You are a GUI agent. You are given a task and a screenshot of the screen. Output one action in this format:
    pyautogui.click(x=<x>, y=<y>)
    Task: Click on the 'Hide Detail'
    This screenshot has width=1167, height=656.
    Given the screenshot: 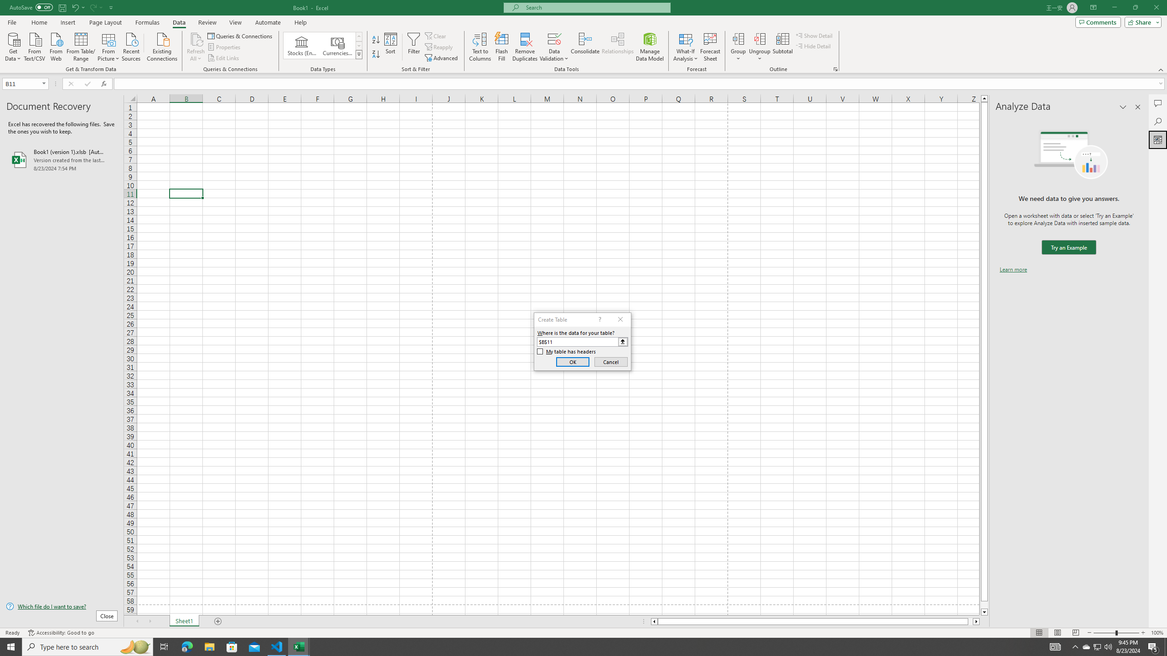 What is the action you would take?
    pyautogui.click(x=813, y=45)
    